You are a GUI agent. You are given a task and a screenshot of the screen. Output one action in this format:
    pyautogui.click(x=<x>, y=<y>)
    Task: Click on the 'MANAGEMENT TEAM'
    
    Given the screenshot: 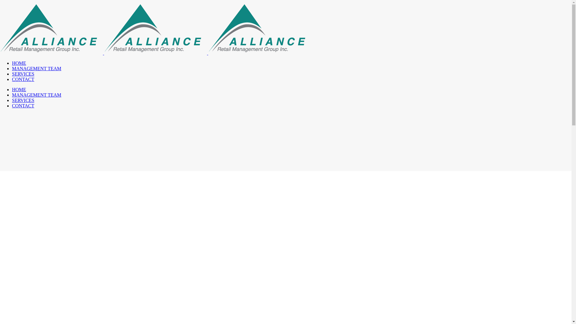 What is the action you would take?
    pyautogui.click(x=36, y=94)
    